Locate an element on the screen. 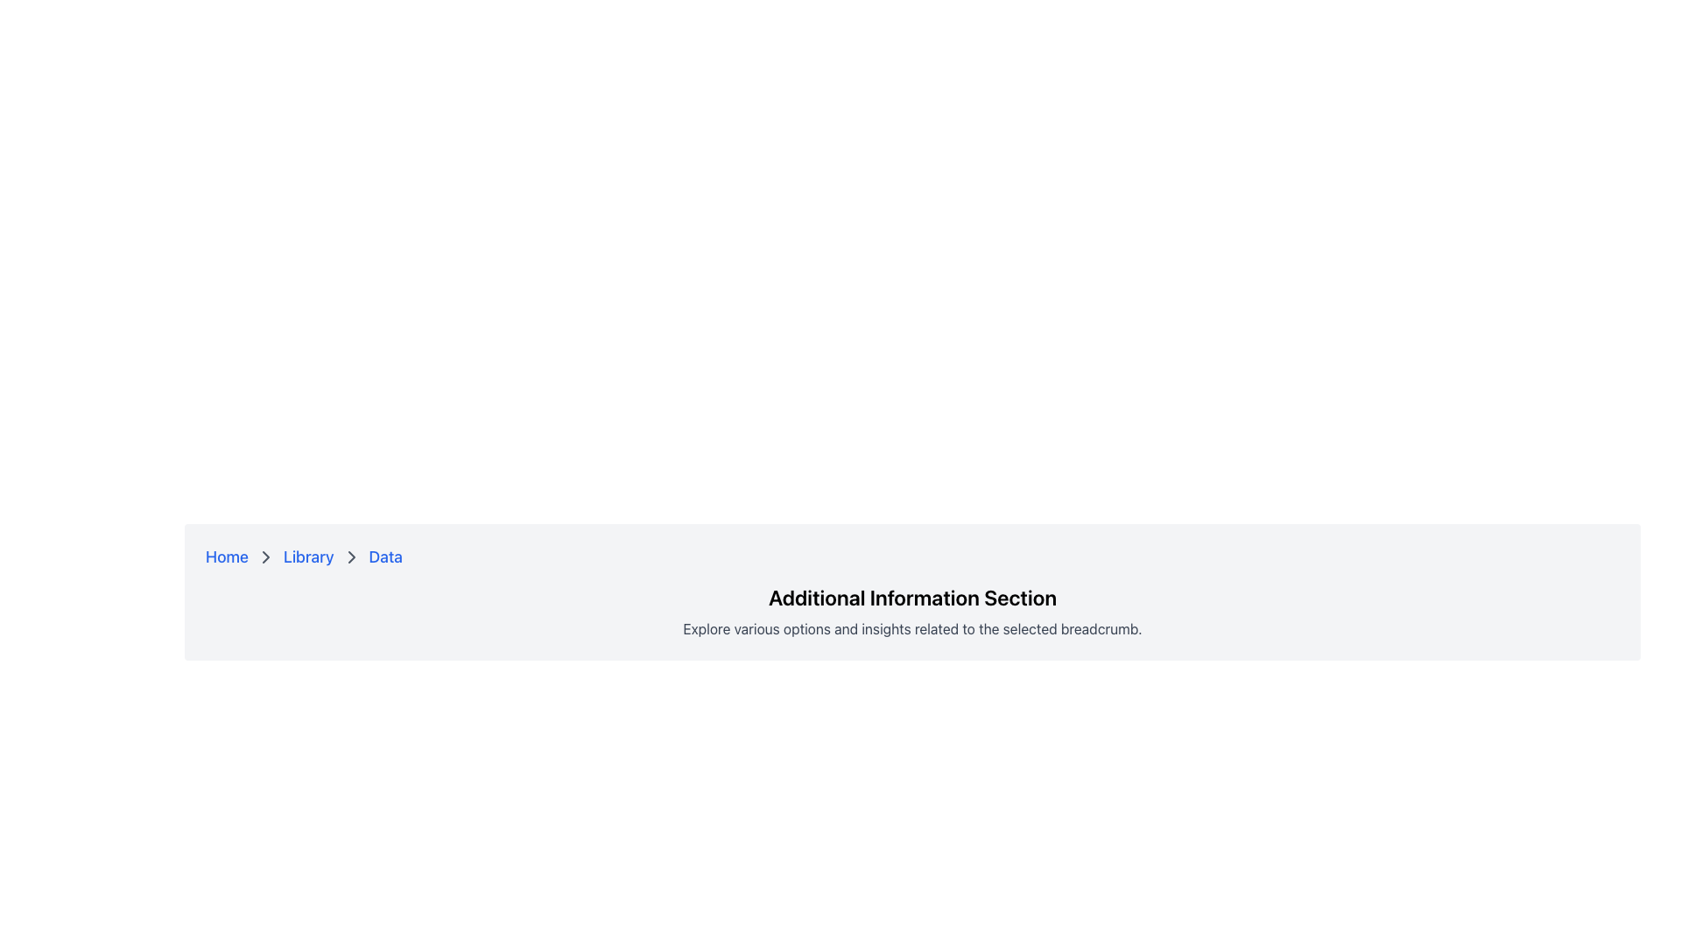  the 'Library' hyperlink in the breadcrumb navigation bar is located at coordinates (308, 556).